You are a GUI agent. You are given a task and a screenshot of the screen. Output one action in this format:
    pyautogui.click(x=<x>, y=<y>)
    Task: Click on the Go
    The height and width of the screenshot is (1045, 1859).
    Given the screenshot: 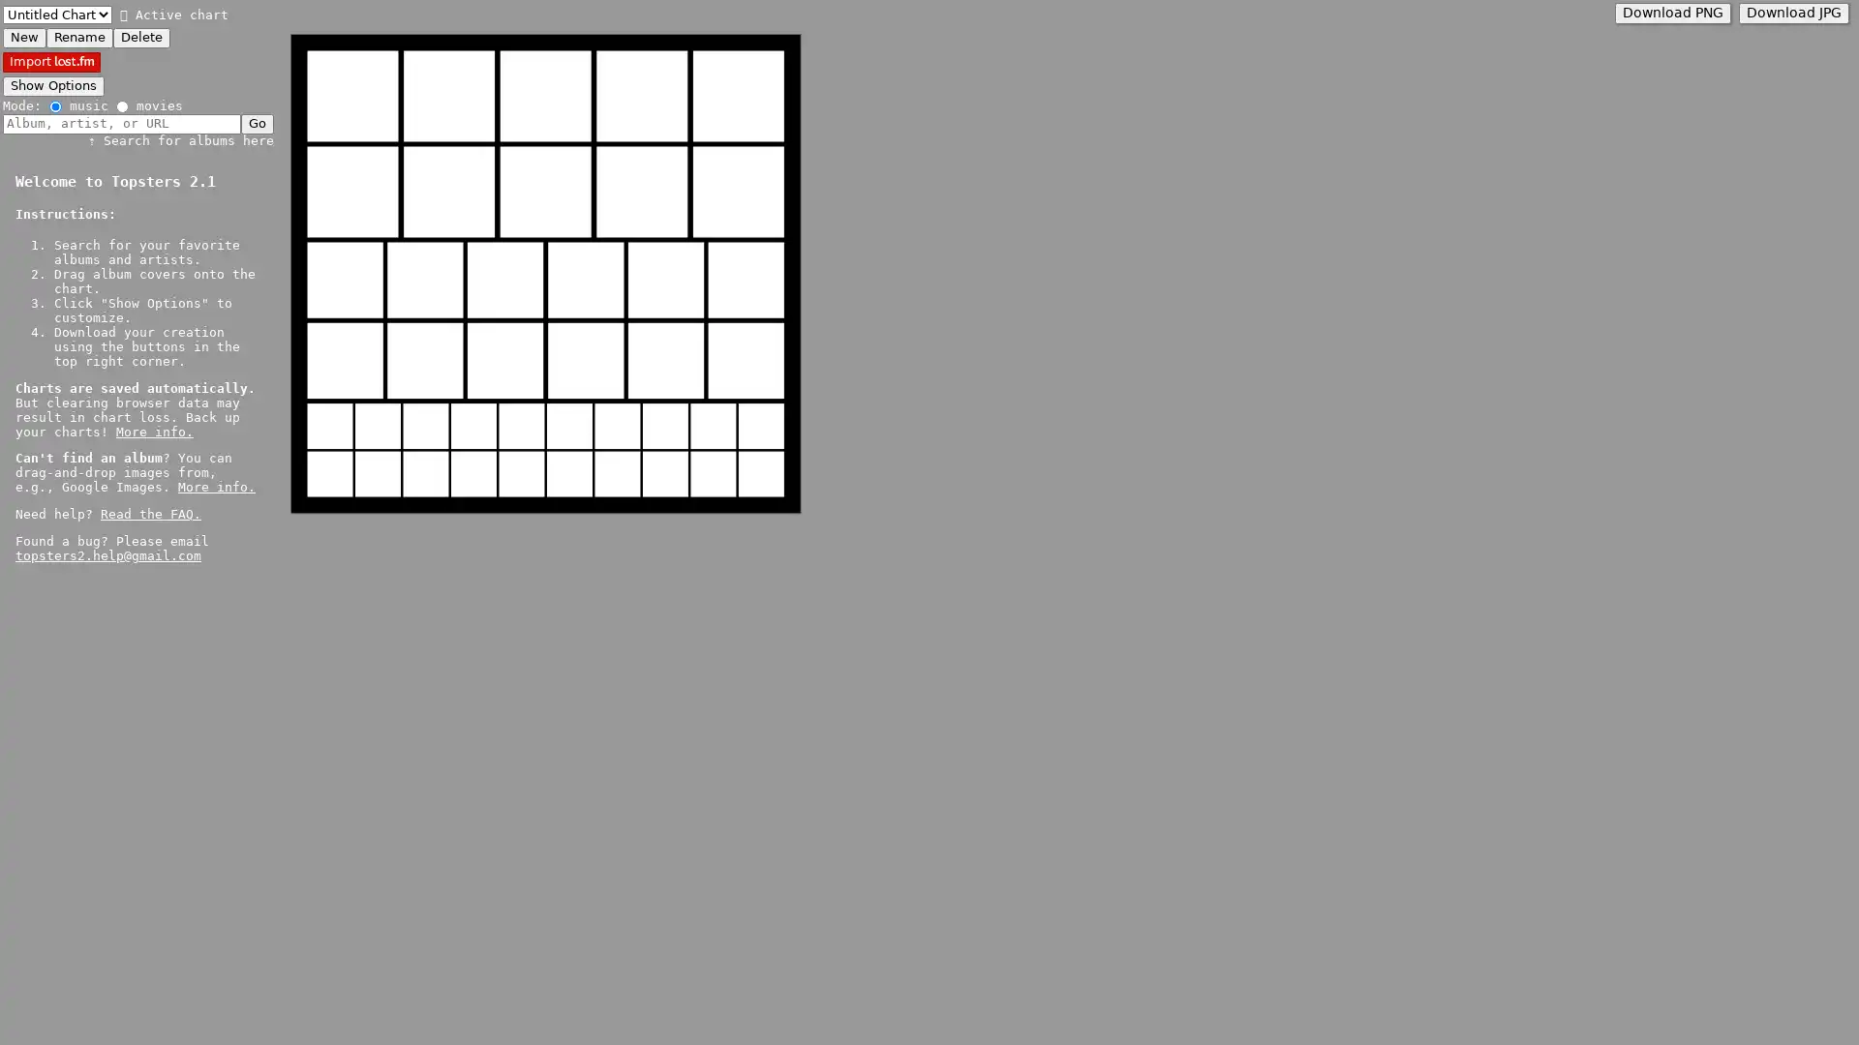 What is the action you would take?
    pyautogui.click(x=256, y=124)
    